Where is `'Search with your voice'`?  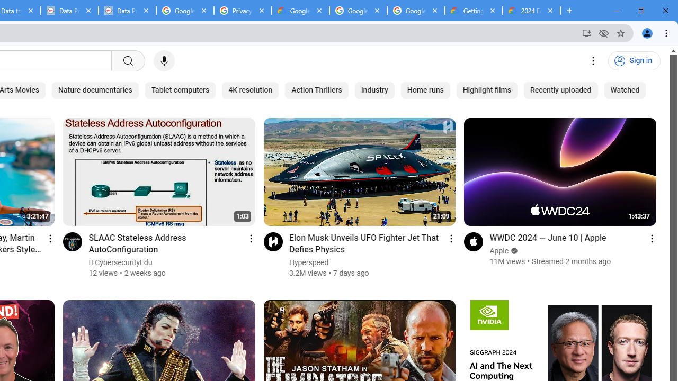
'Search with your voice' is located at coordinates (163, 61).